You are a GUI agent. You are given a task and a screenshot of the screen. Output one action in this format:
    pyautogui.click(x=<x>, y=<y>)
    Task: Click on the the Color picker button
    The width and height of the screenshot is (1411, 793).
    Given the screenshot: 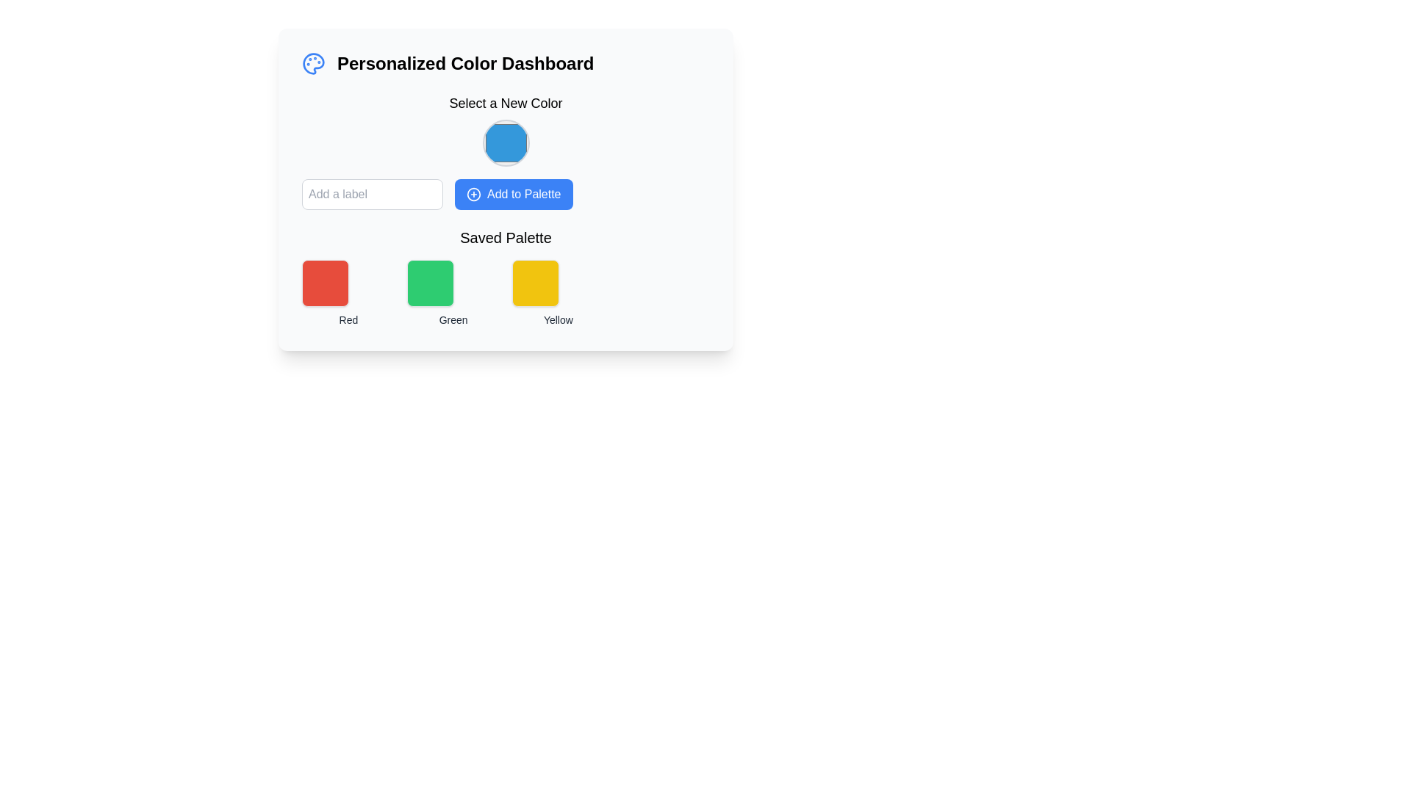 What is the action you would take?
    pyautogui.click(x=506, y=143)
    